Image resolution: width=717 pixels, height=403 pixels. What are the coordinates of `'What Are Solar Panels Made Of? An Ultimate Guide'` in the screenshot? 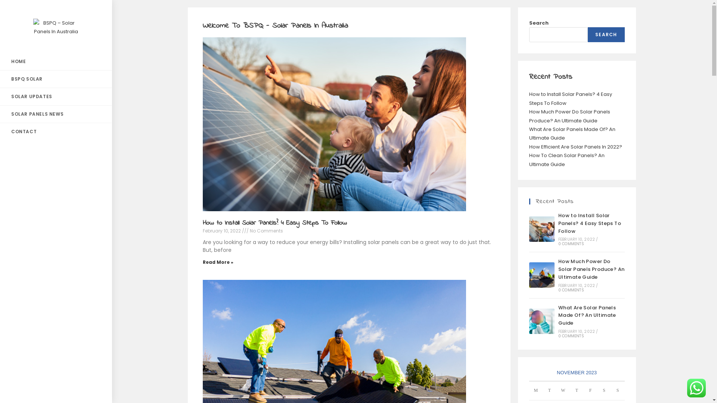 It's located at (587, 315).